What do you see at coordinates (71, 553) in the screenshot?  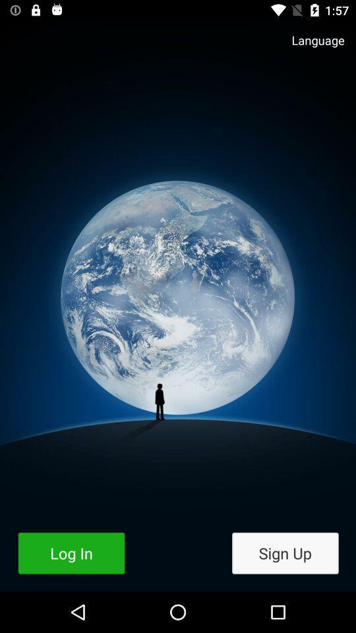 I see `the log in item` at bounding box center [71, 553].